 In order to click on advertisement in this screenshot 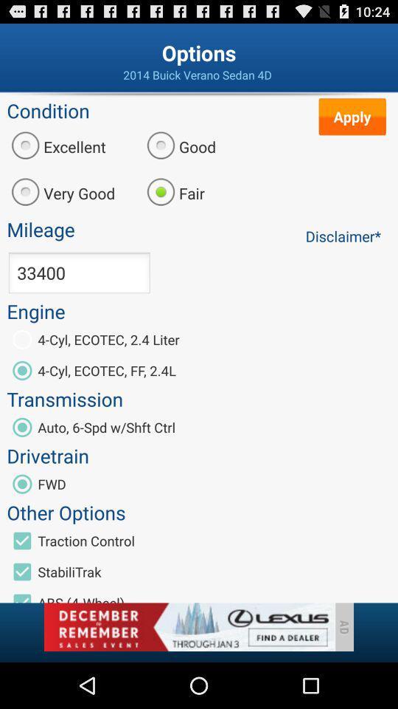, I will do `click(189, 626)`.